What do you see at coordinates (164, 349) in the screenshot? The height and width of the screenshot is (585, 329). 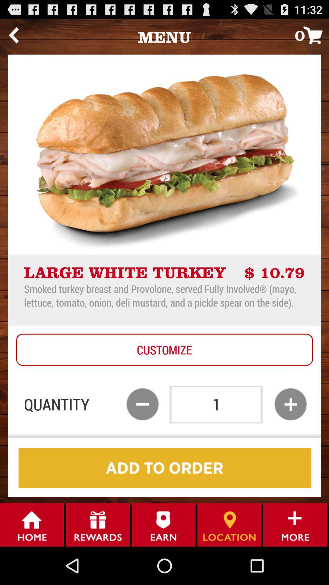 I see `customize item` at bounding box center [164, 349].